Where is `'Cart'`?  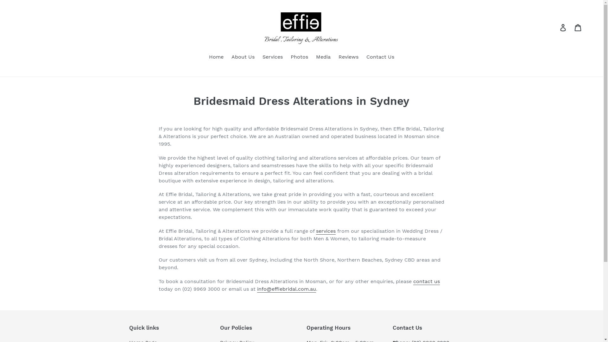
'Cart' is located at coordinates (578, 27).